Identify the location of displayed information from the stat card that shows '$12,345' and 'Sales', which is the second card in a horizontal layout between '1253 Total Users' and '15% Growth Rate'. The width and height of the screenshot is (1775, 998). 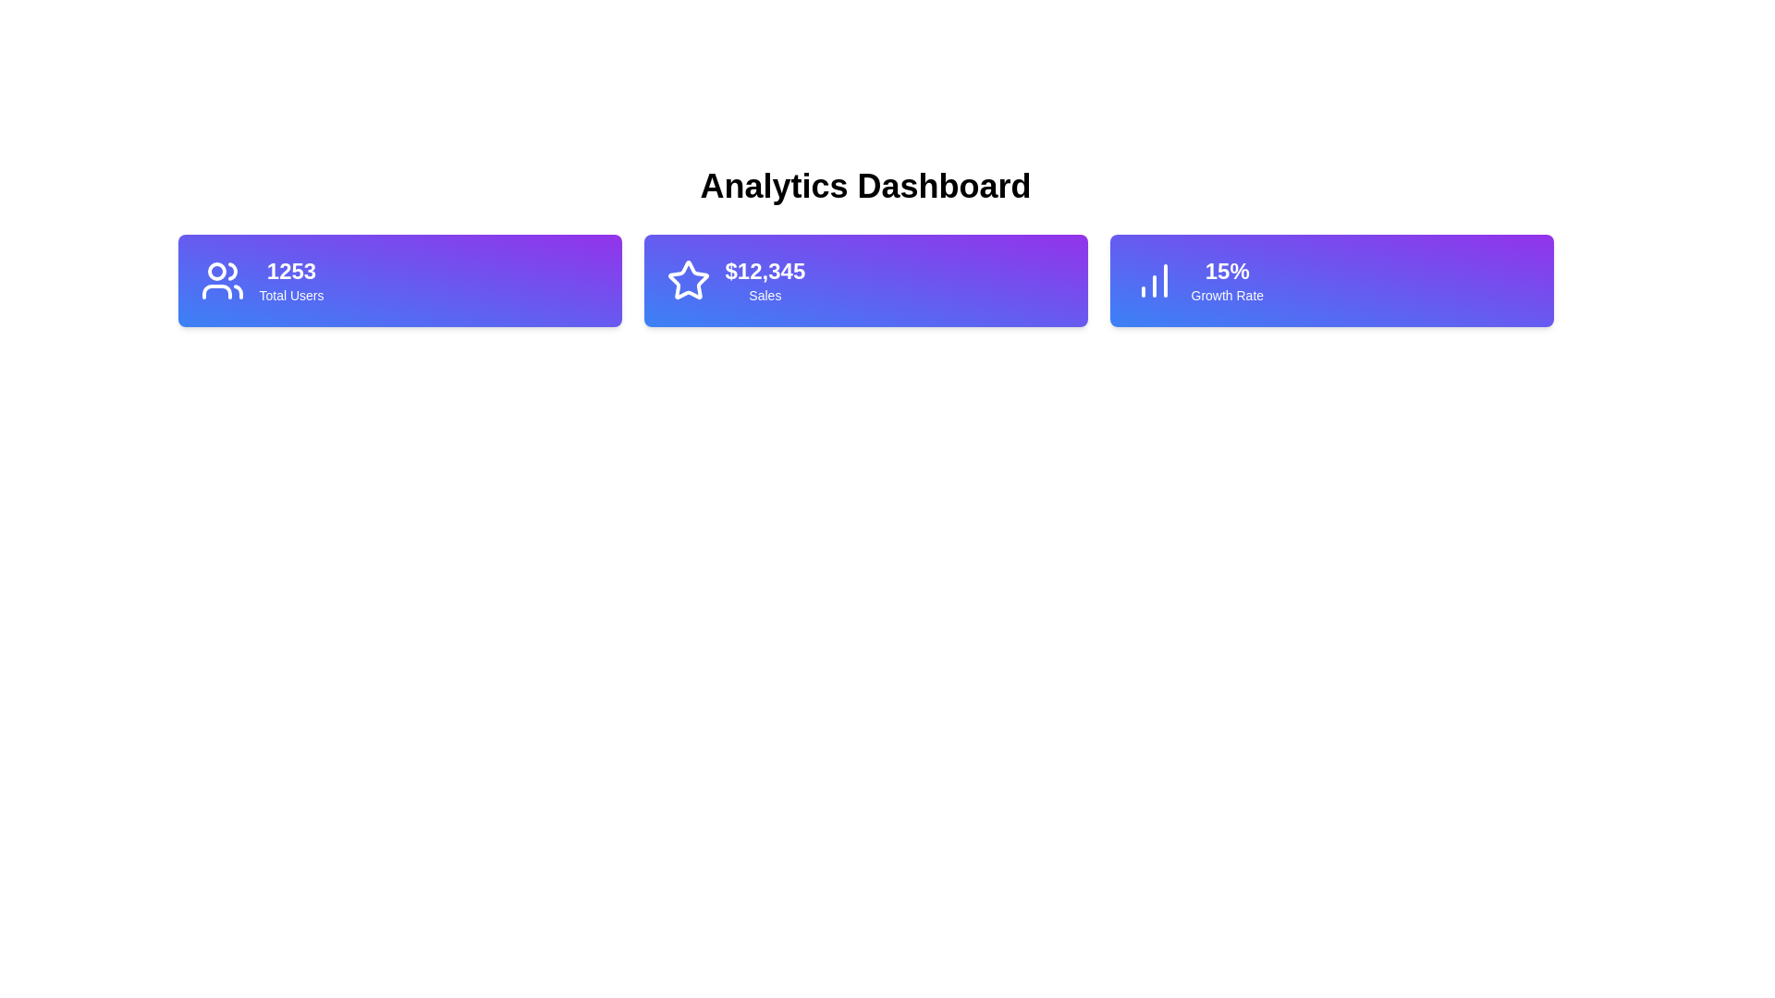
(864, 281).